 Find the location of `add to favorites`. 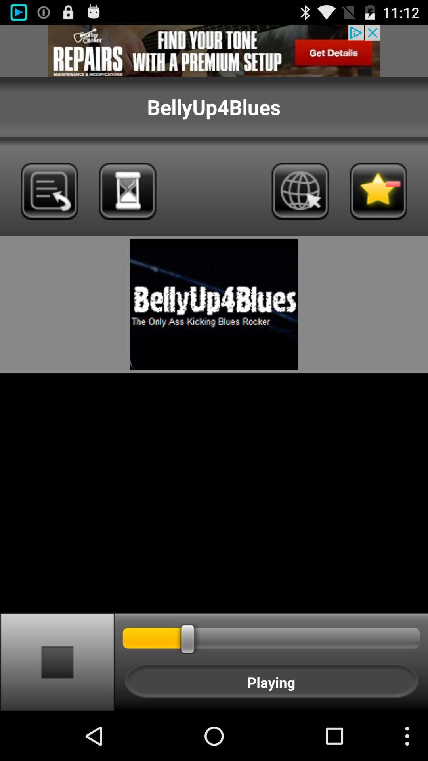

add to favorites is located at coordinates (378, 191).